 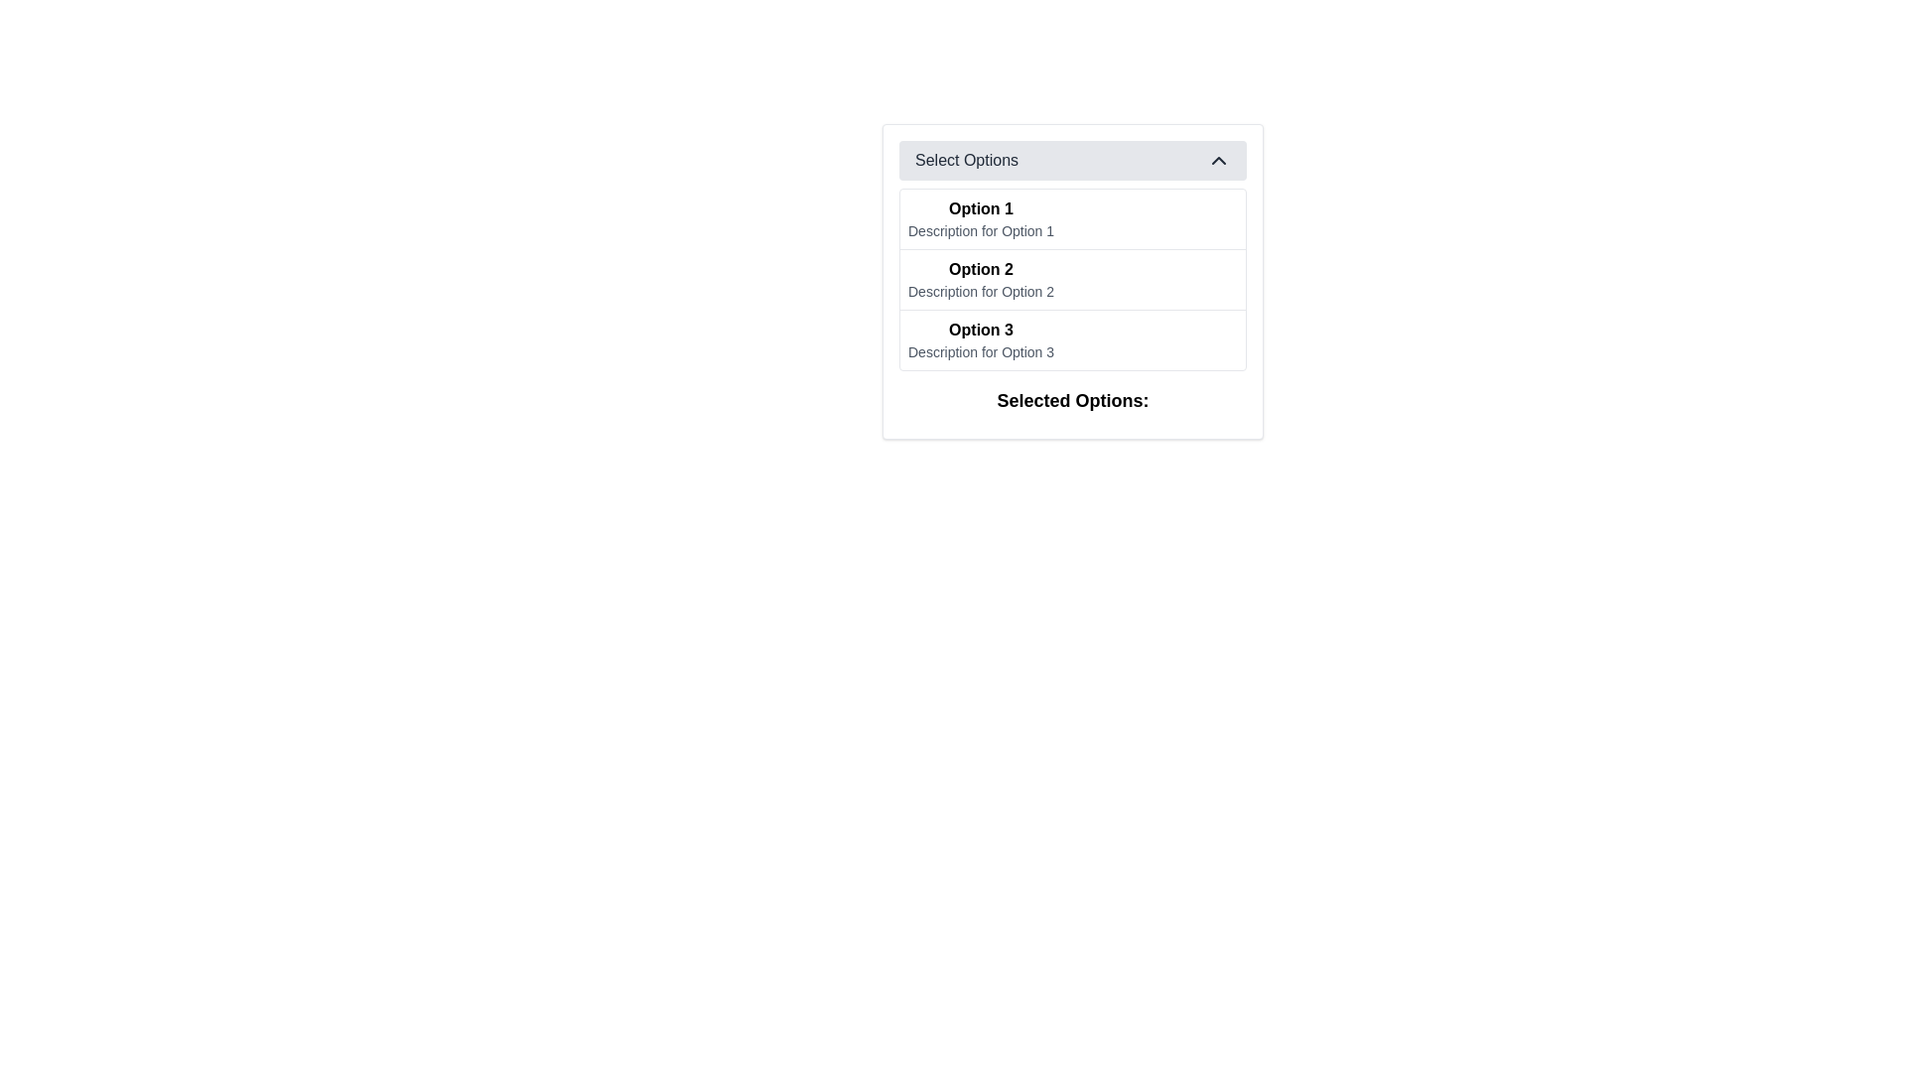 I want to click on on the first selectable option in the dropdown menu titled 'Select Options', which provides context or metadata about 'Option 1', so click(x=981, y=218).